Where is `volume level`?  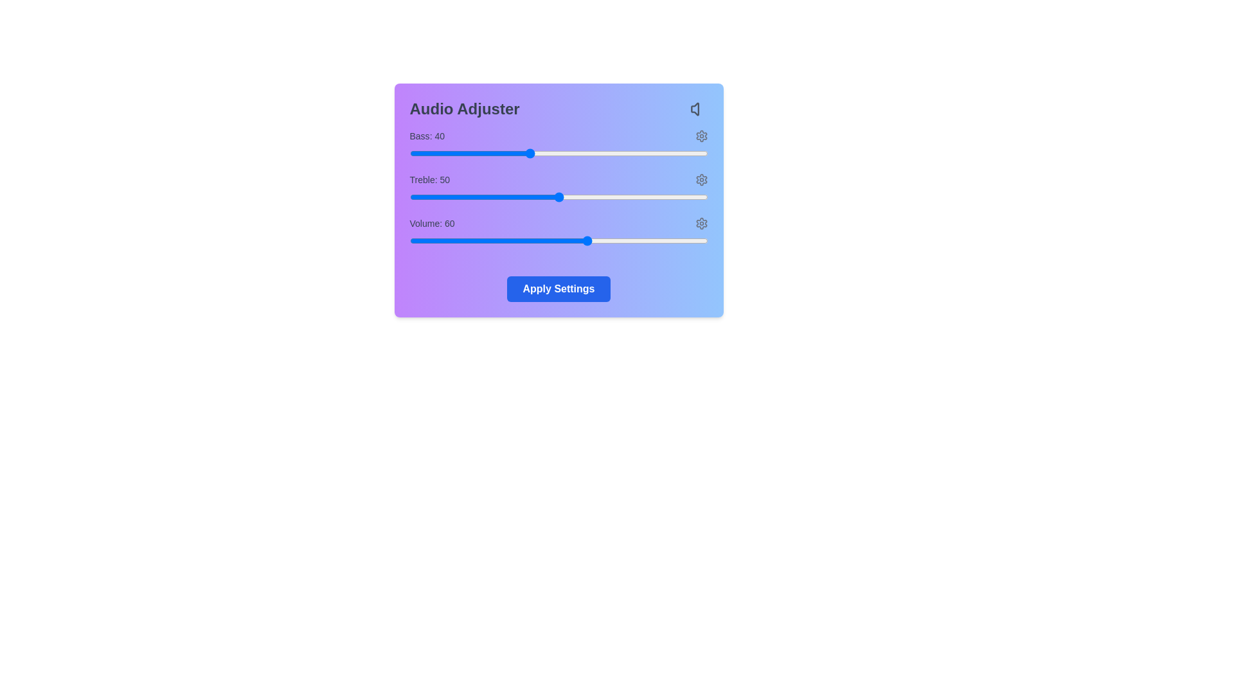
volume level is located at coordinates (487, 240).